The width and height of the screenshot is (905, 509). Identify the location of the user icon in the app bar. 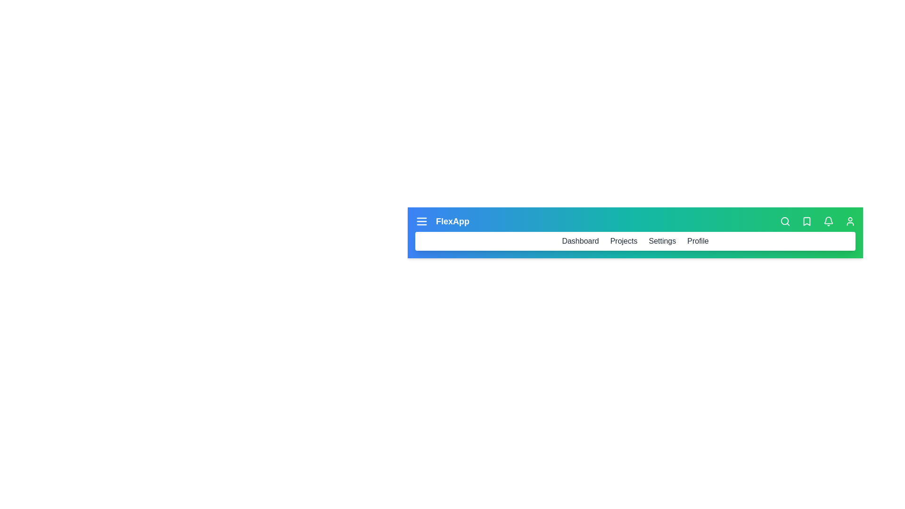
(850, 222).